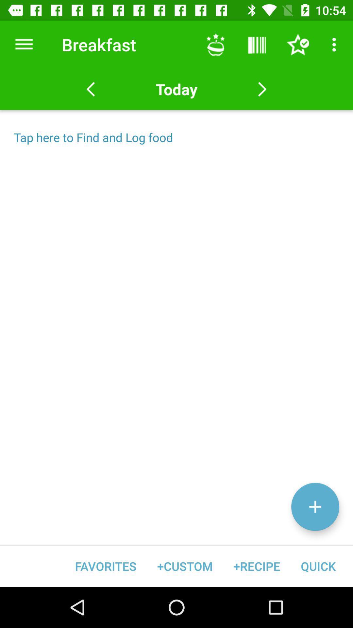  I want to click on a food to your breakfast log, so click(315, 506).